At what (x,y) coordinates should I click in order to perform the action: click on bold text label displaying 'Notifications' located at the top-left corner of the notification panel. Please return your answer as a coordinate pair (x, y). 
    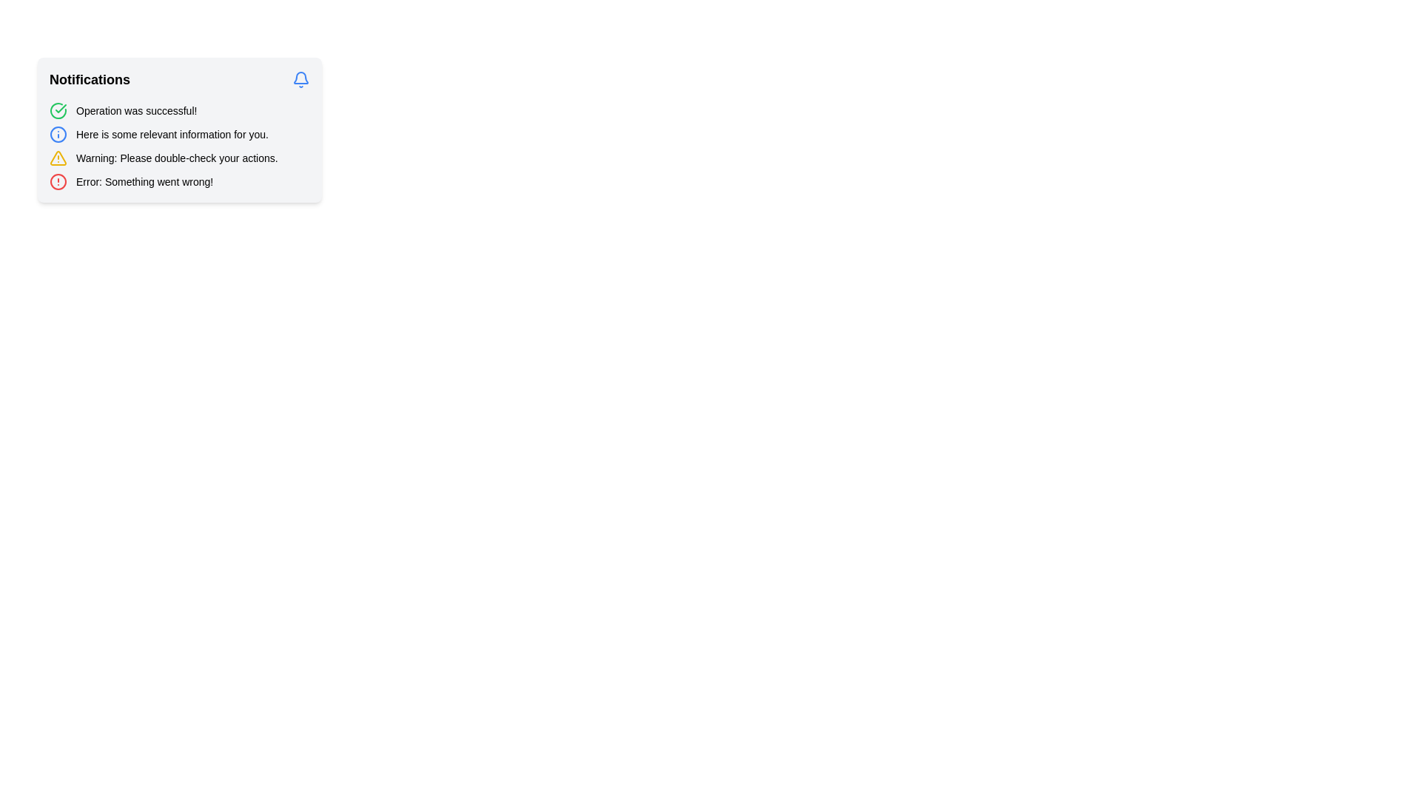
    Looking at the image, I should click on (89, 80).